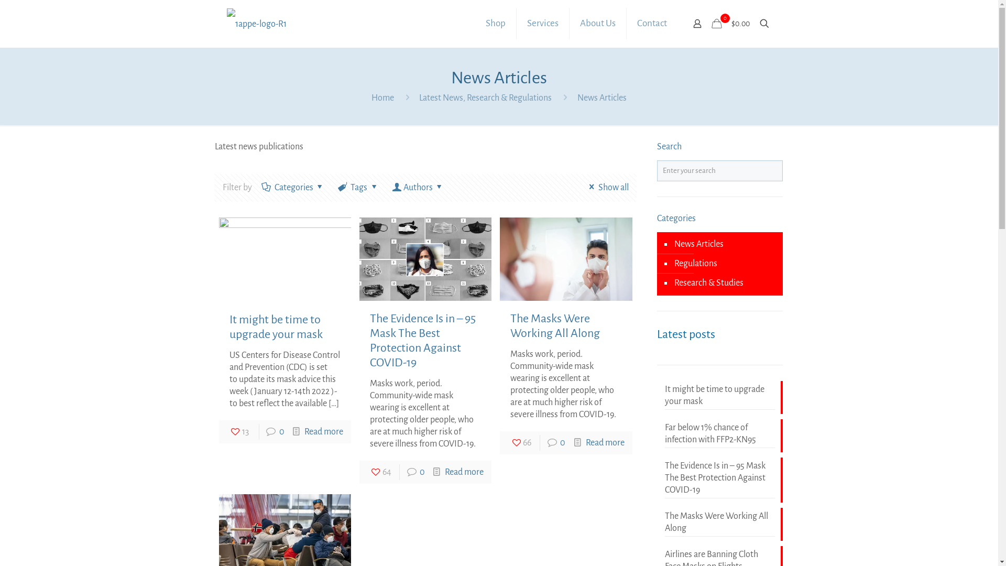 The image size is (1006, 566). What do you see at coordinates (543, 24) in the screenshot?
I see `'Services'` at bounding box center [543, 24].